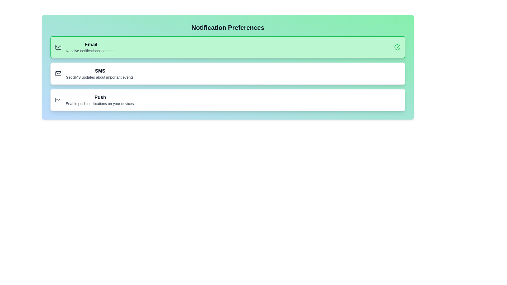  Describe the element at coordinates (397, 47) in the screenshot. I see `the green circular check icon indicating positive status, located on the far right of the 'Email' option box` at that location.